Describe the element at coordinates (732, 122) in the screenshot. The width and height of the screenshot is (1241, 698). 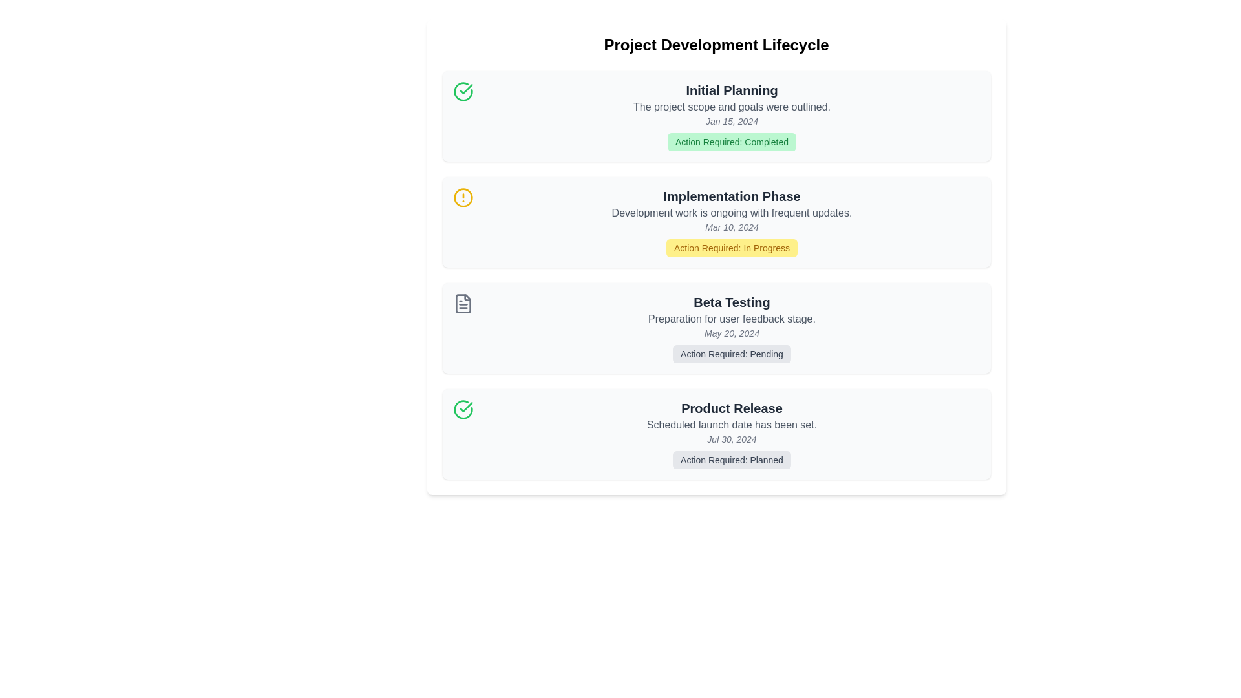
I see `the text label displaying 'Jan 15, 2024', which is styled in gray, italicized, and located in the 'Initial Planning' section of the 'Project Development Lifecycle' interface` at that location.